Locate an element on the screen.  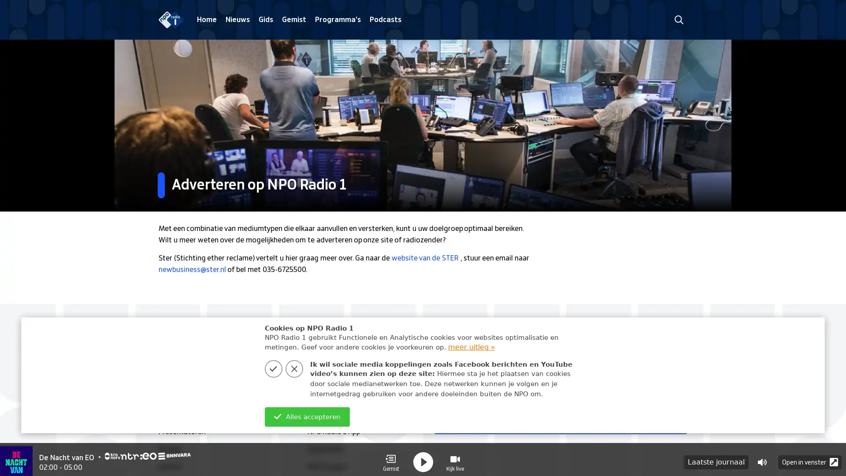
Open in venster Popup Icon is located at coordinates (810, 457).